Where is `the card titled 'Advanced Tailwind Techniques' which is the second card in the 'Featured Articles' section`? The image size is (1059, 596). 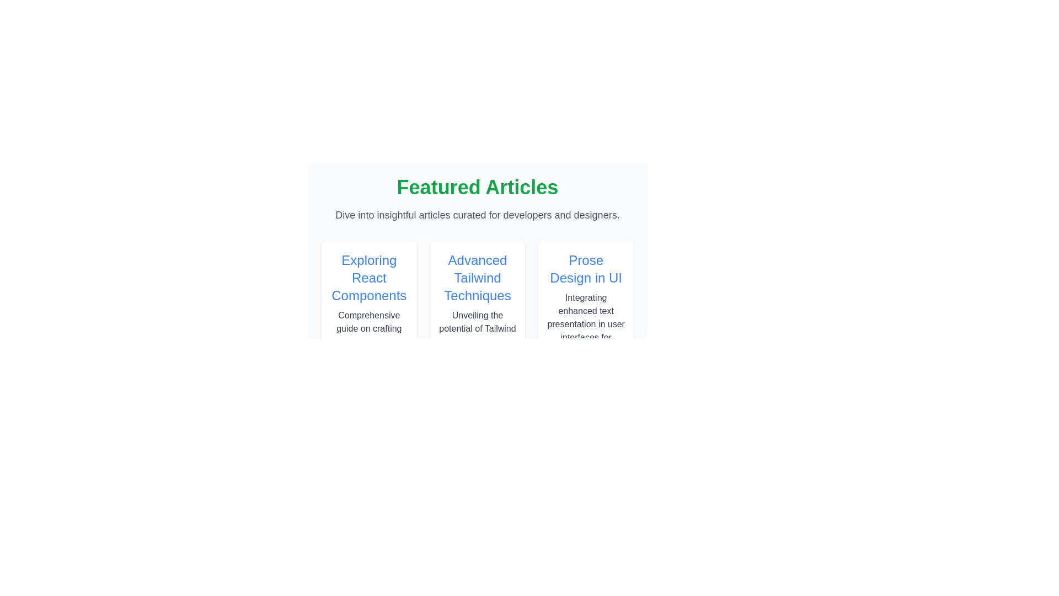
the card titled 'Advanced Tailwind Techniques' which is the second card in the 'Featured Articles' section is located at coordinates (477, 243).